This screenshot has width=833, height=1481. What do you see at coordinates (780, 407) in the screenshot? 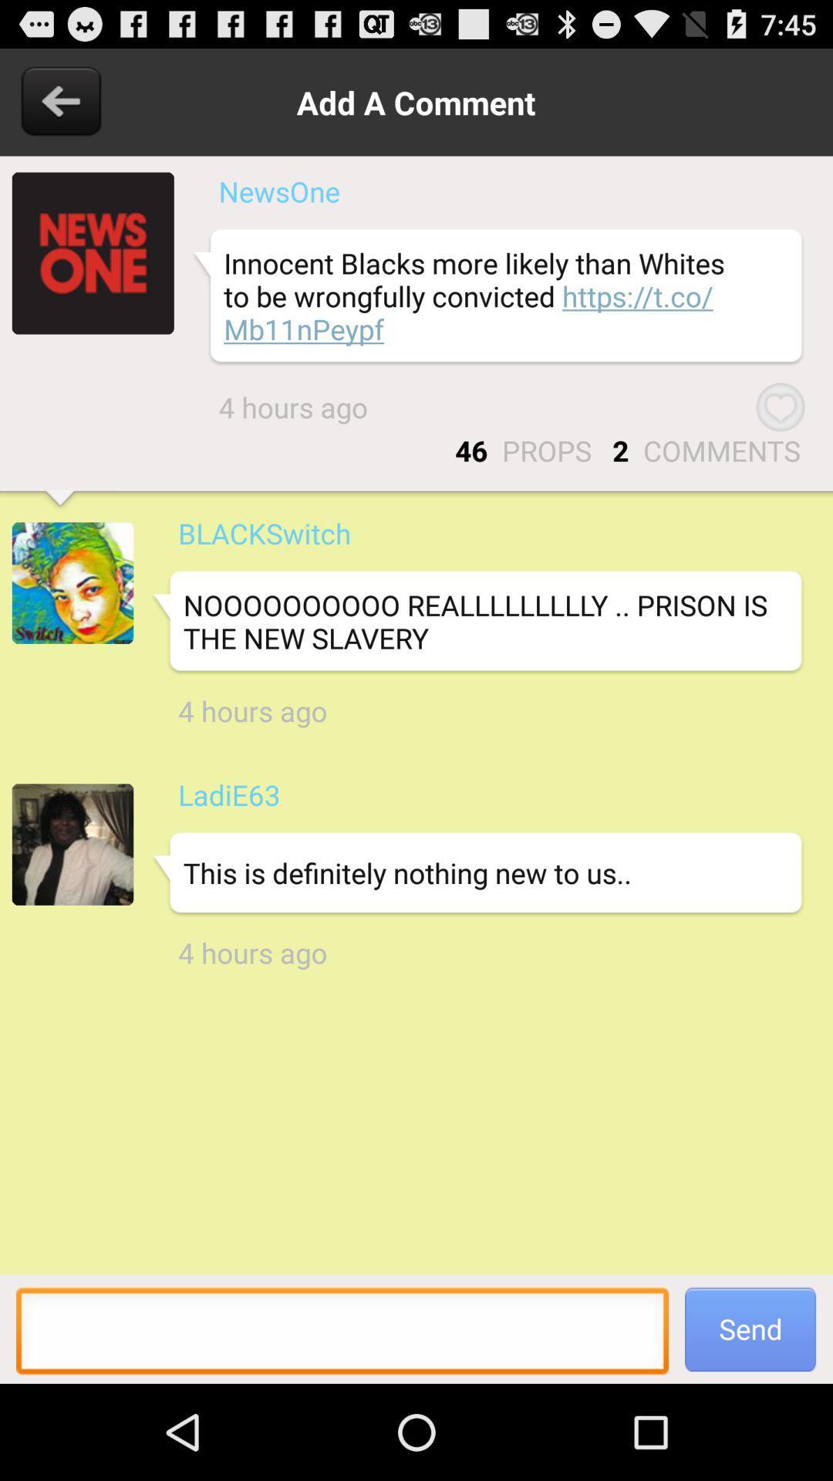
I see `app to the right of the 4 hours ago icon` at bounding box center [780, 407].